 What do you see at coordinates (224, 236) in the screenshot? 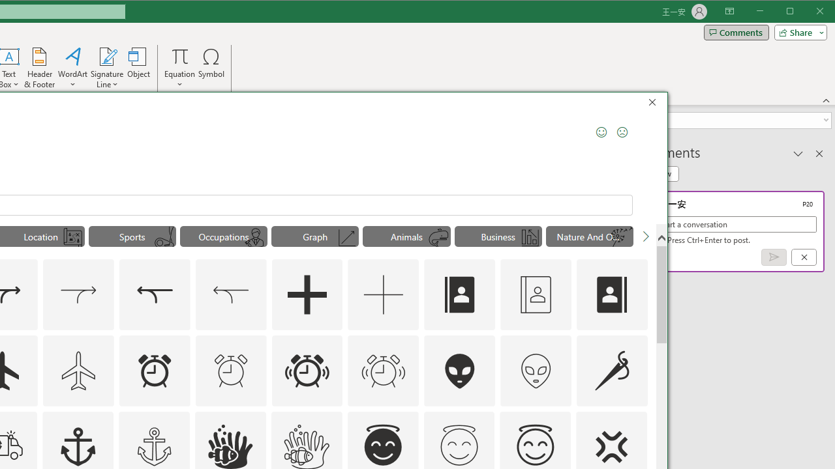
I see `'"Occupations" Icons.'` at bounding box center [224, 236].